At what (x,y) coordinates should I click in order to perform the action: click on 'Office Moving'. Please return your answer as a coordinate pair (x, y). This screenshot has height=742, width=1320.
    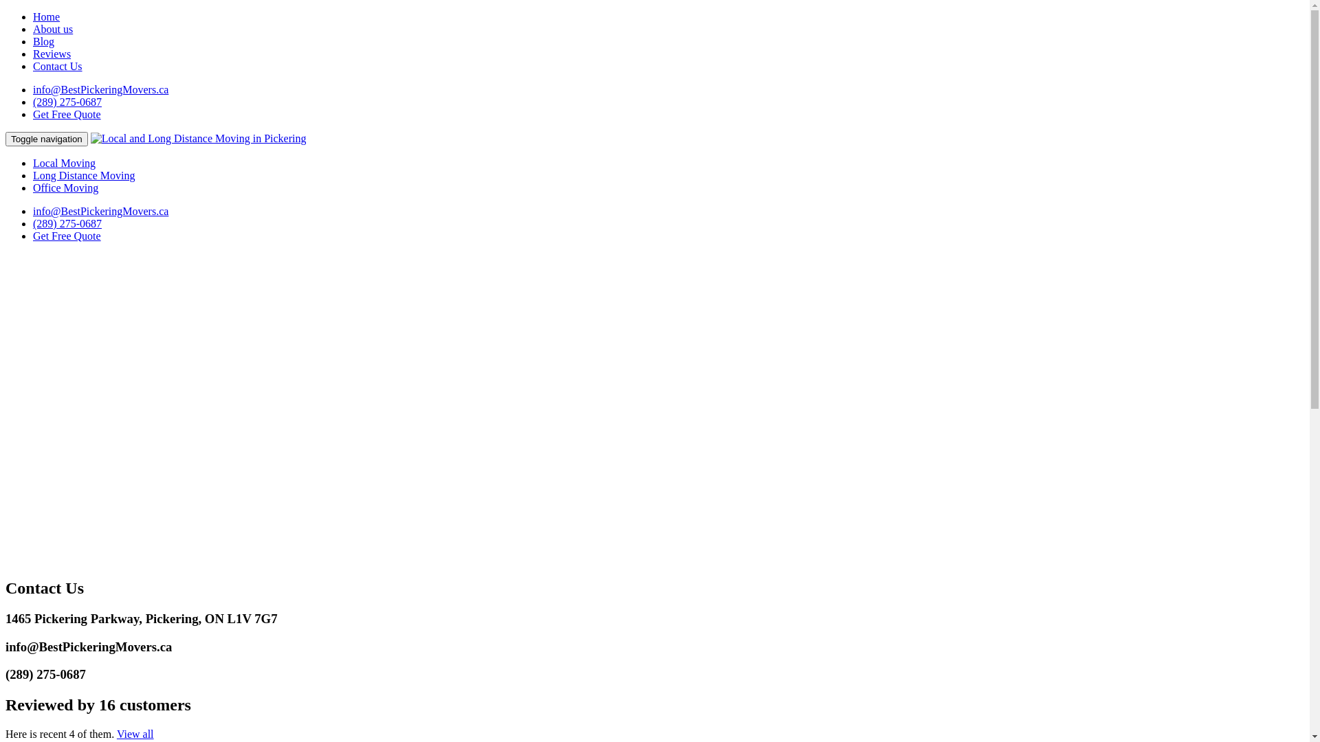
    Looking at the image, I should click on (65, 188).